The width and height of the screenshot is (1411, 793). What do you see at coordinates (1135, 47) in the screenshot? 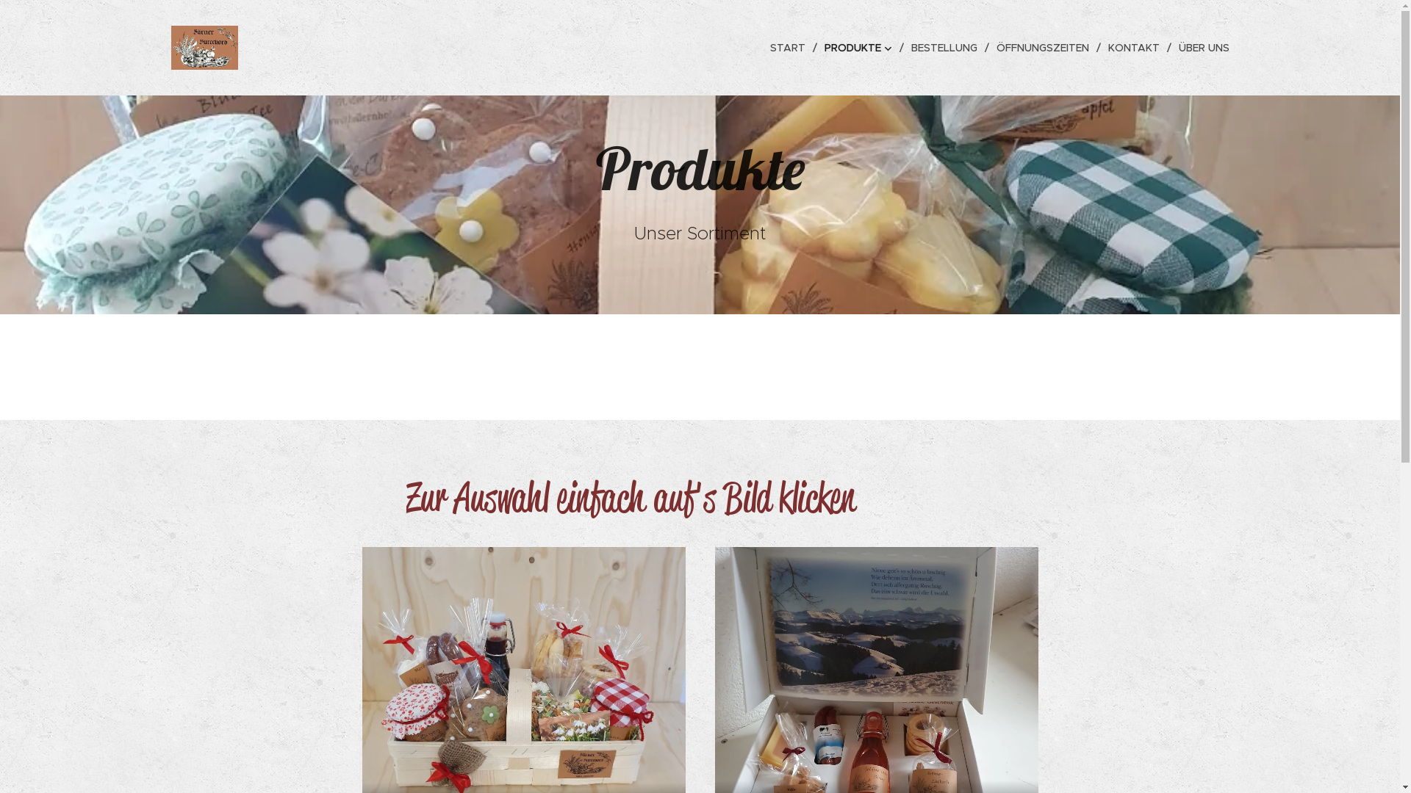
I see `'KONTAKT'` at bounding box center [1135, 47].